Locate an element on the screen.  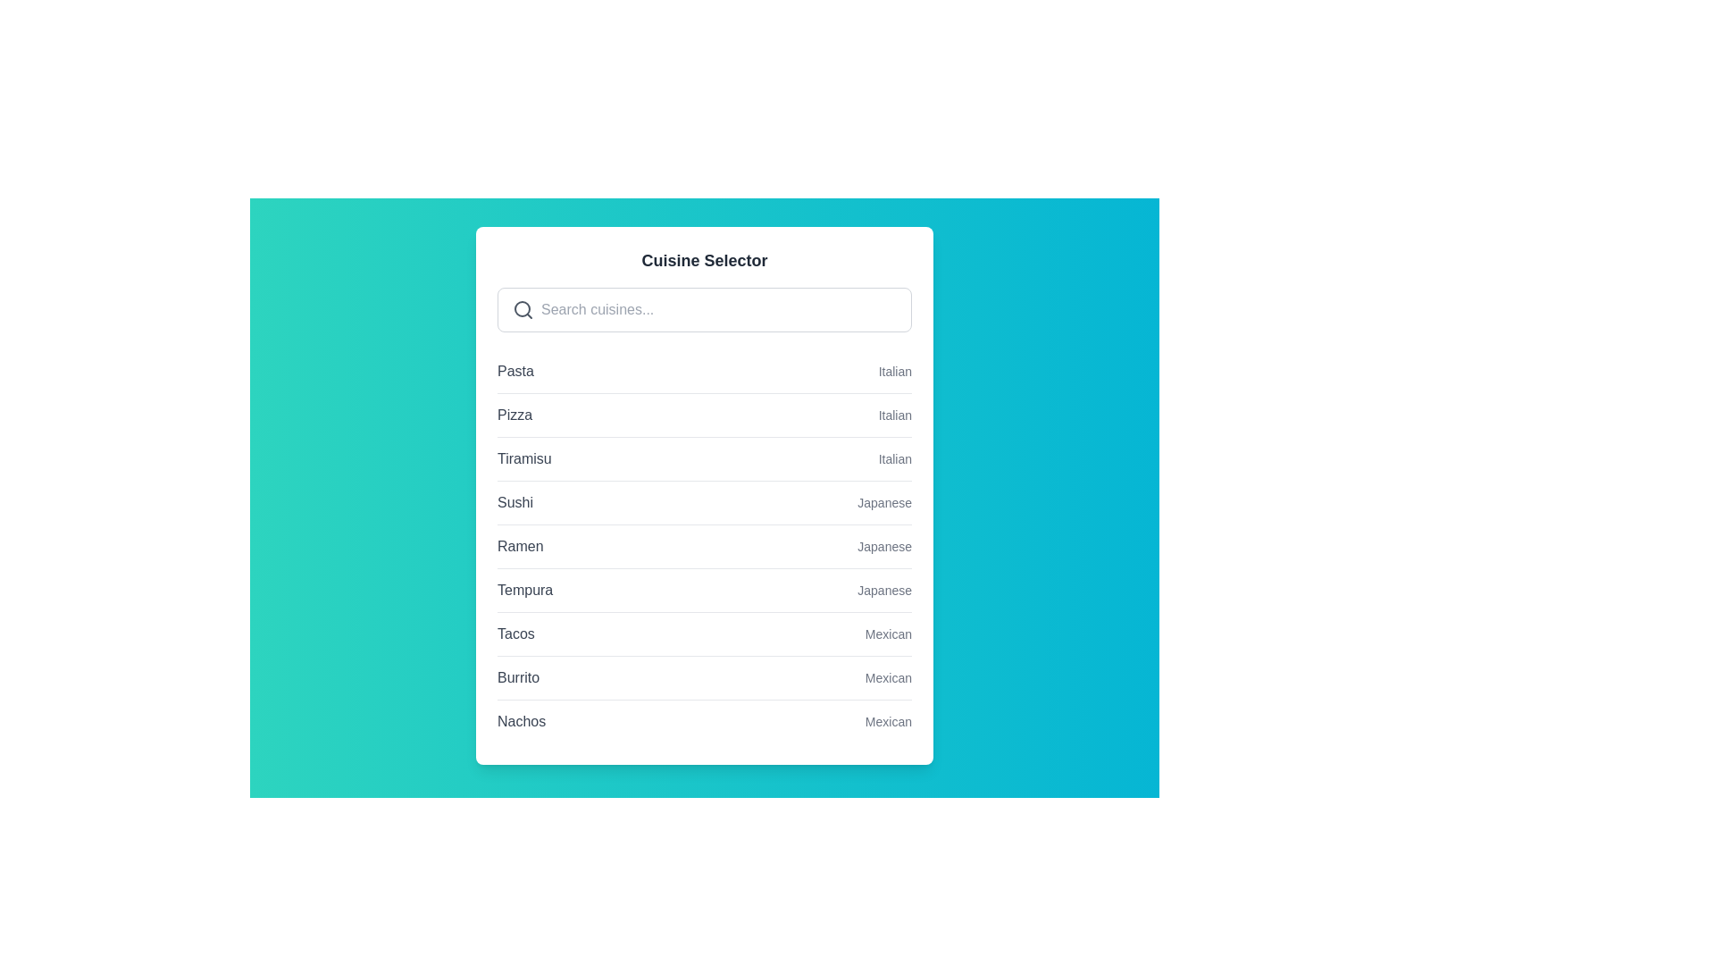
the non-interactive menu item labeled 'Tempura' which is paired with its cuisine 'Japanese', located as the seventh row in the list of dishes is located at coordinates (703, 589).